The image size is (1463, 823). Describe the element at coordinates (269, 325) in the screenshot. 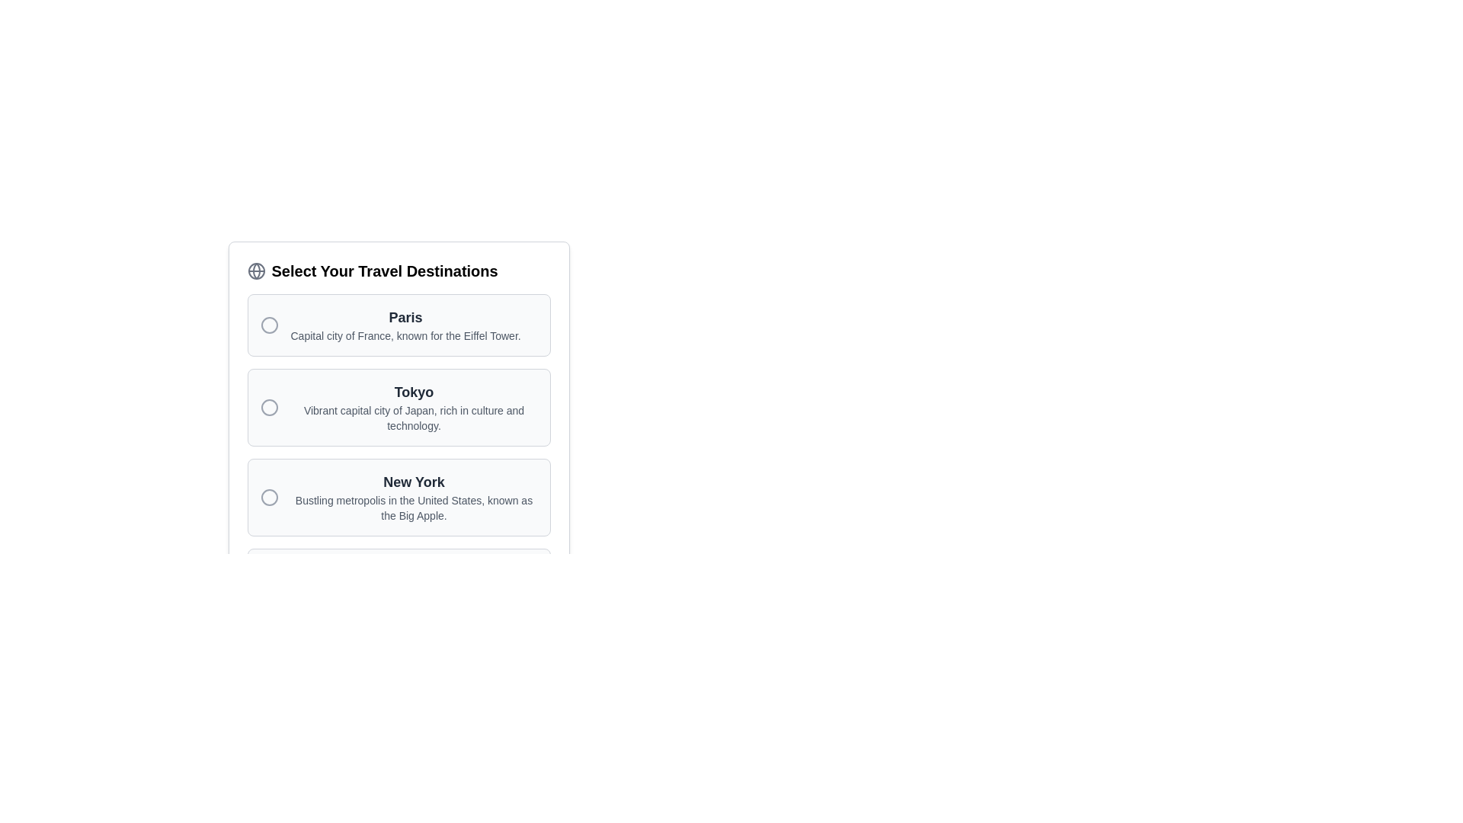

I see `the radio button for the first travel destination option labeled 'Paris' to trigger a tooltip or visual response` at that location.